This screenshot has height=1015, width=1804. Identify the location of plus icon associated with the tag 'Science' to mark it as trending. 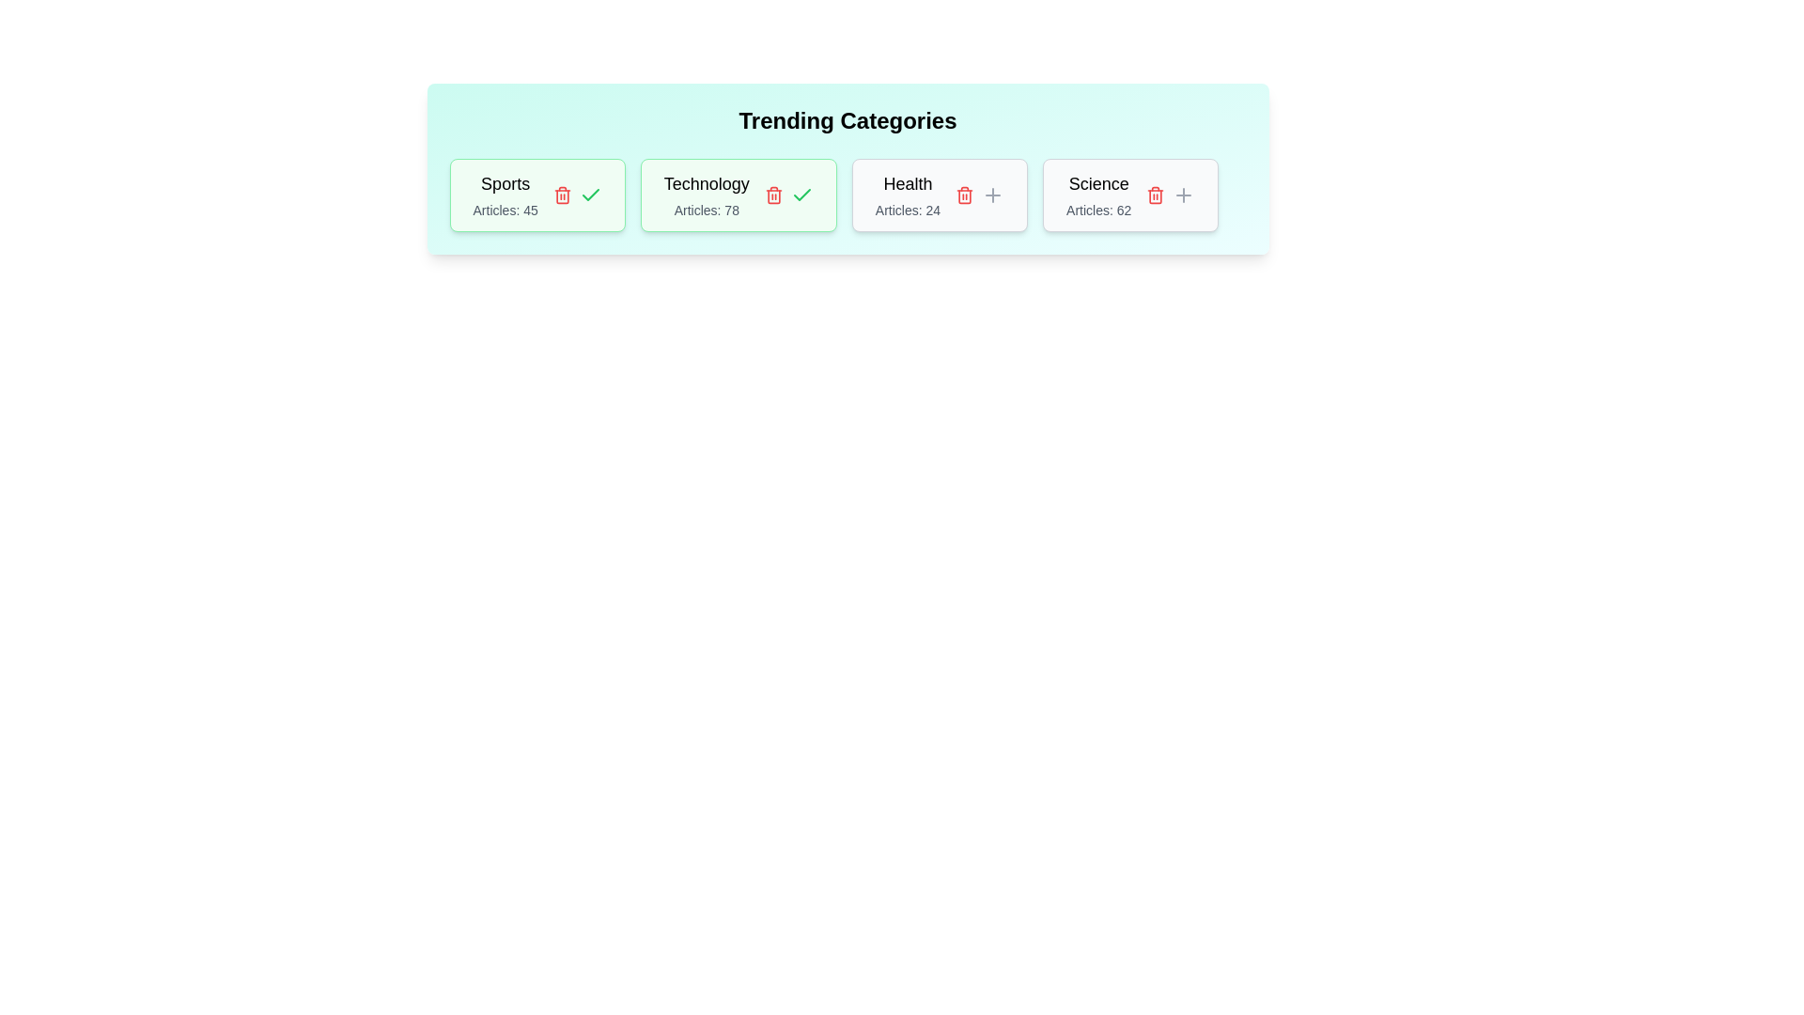
(1183, 195).